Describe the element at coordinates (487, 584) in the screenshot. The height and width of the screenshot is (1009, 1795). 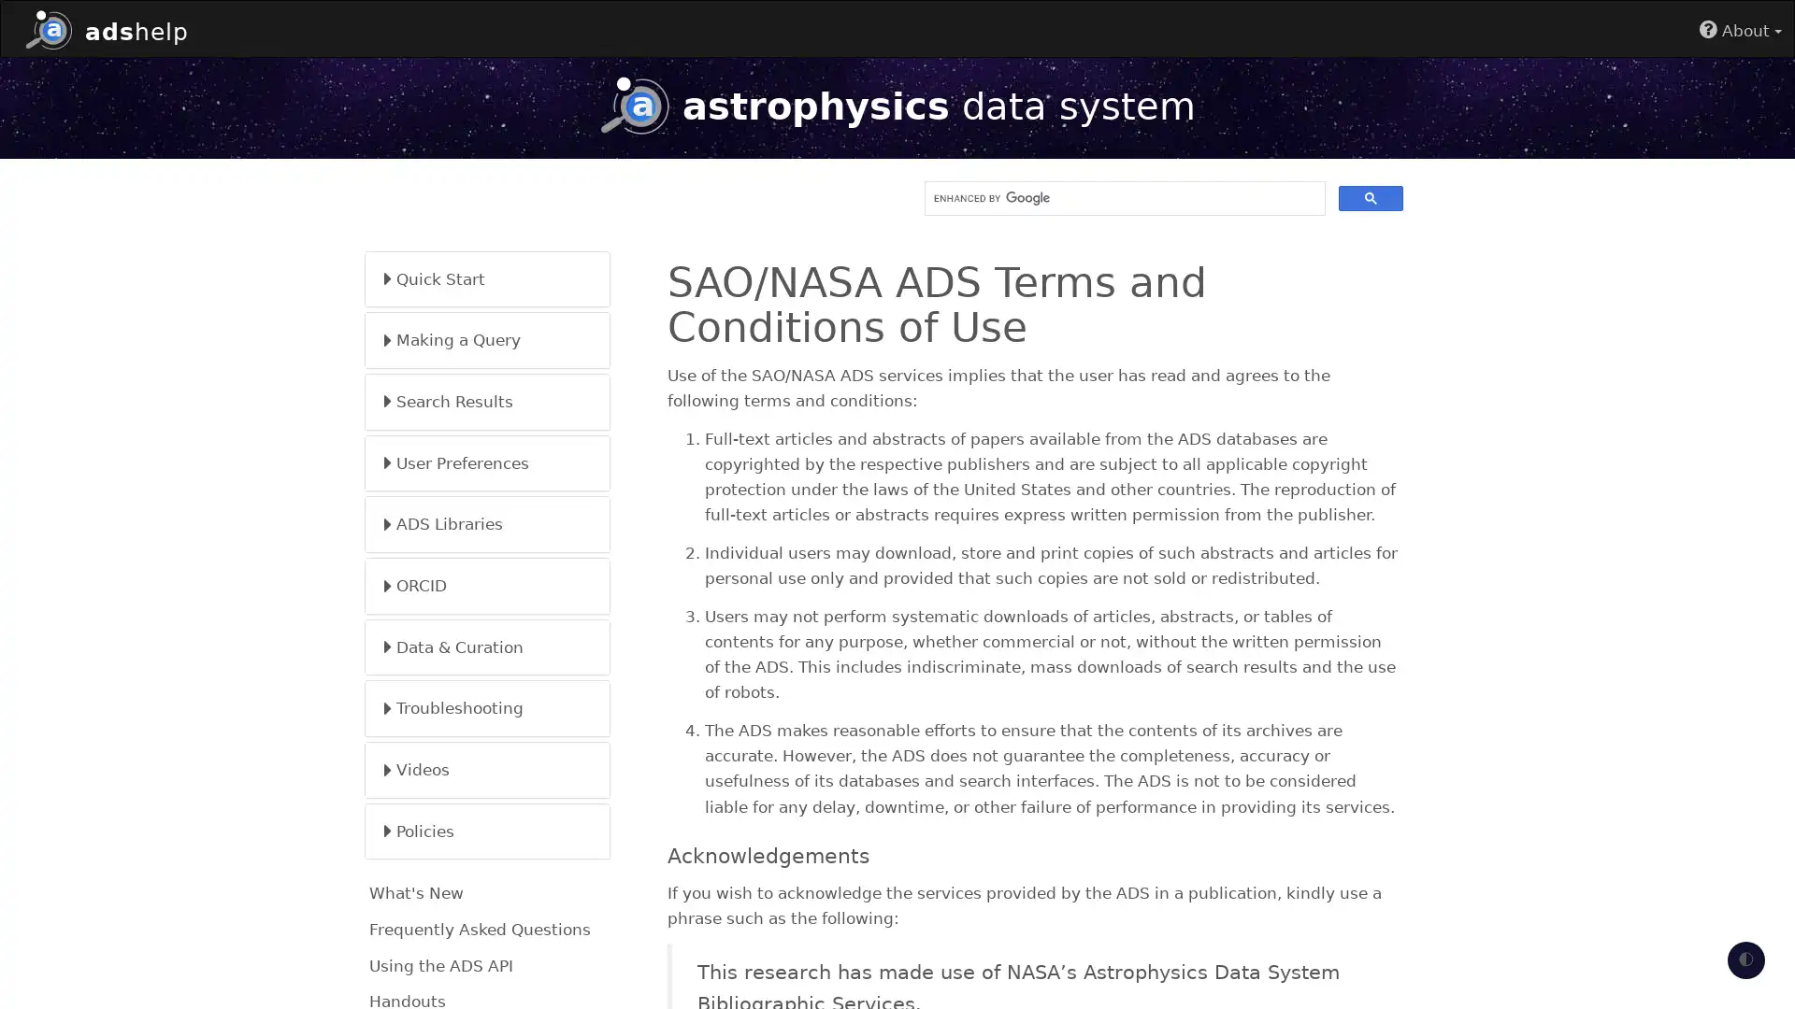
I see `ORCID` at that location.